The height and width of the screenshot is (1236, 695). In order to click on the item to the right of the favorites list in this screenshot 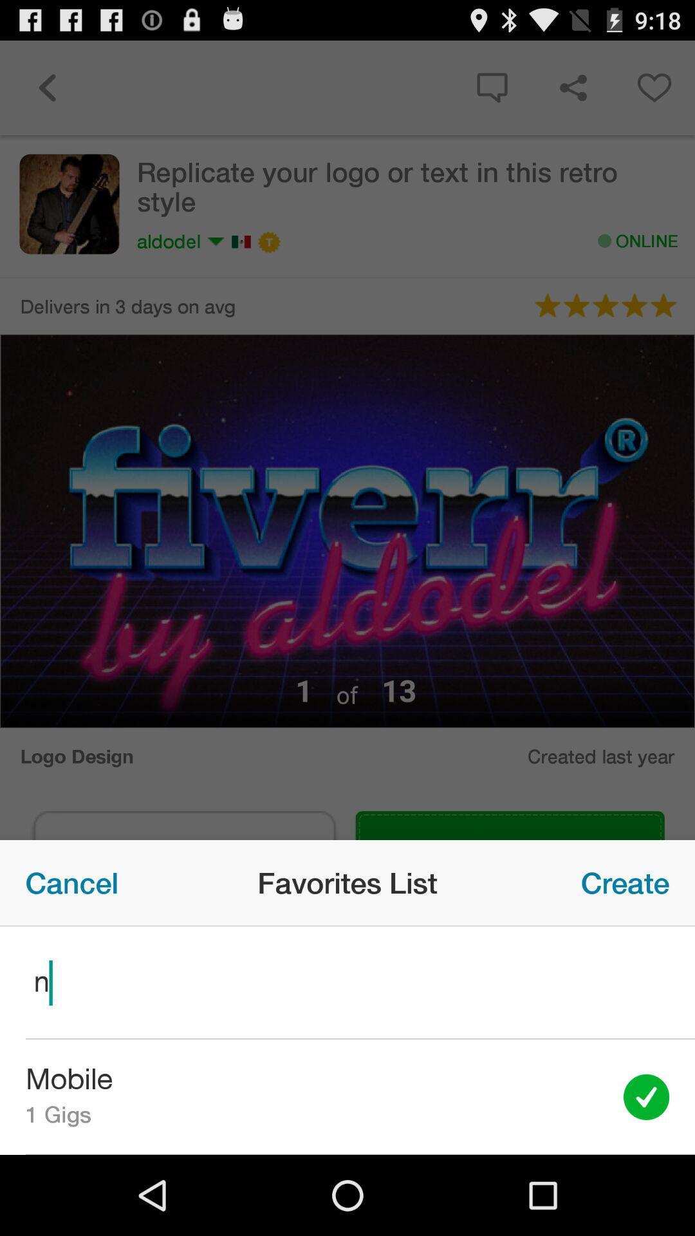, I will do `click(624, 882)`.